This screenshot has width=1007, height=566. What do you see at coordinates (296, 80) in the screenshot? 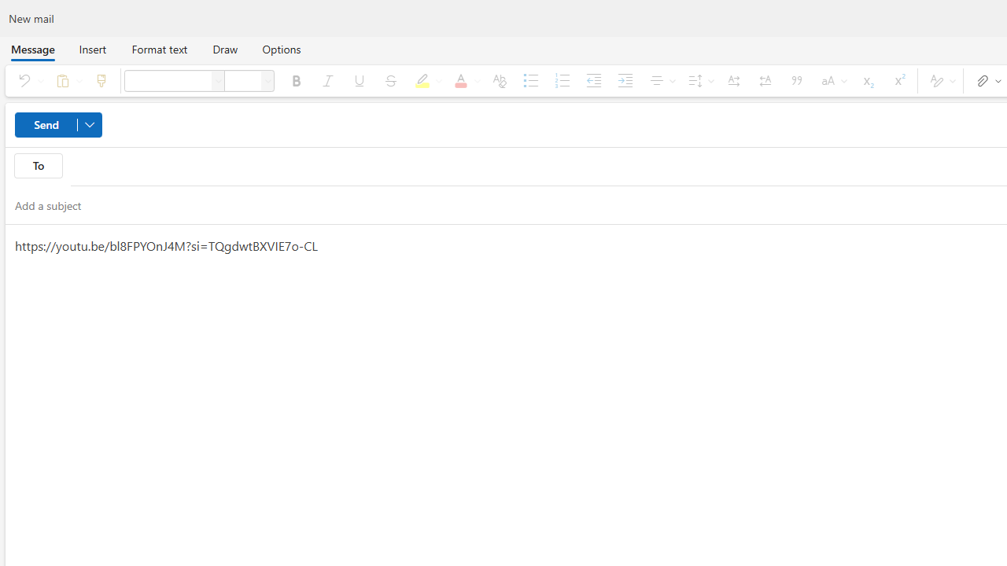
I see `'Bold'` at bounding box center [296, 80].